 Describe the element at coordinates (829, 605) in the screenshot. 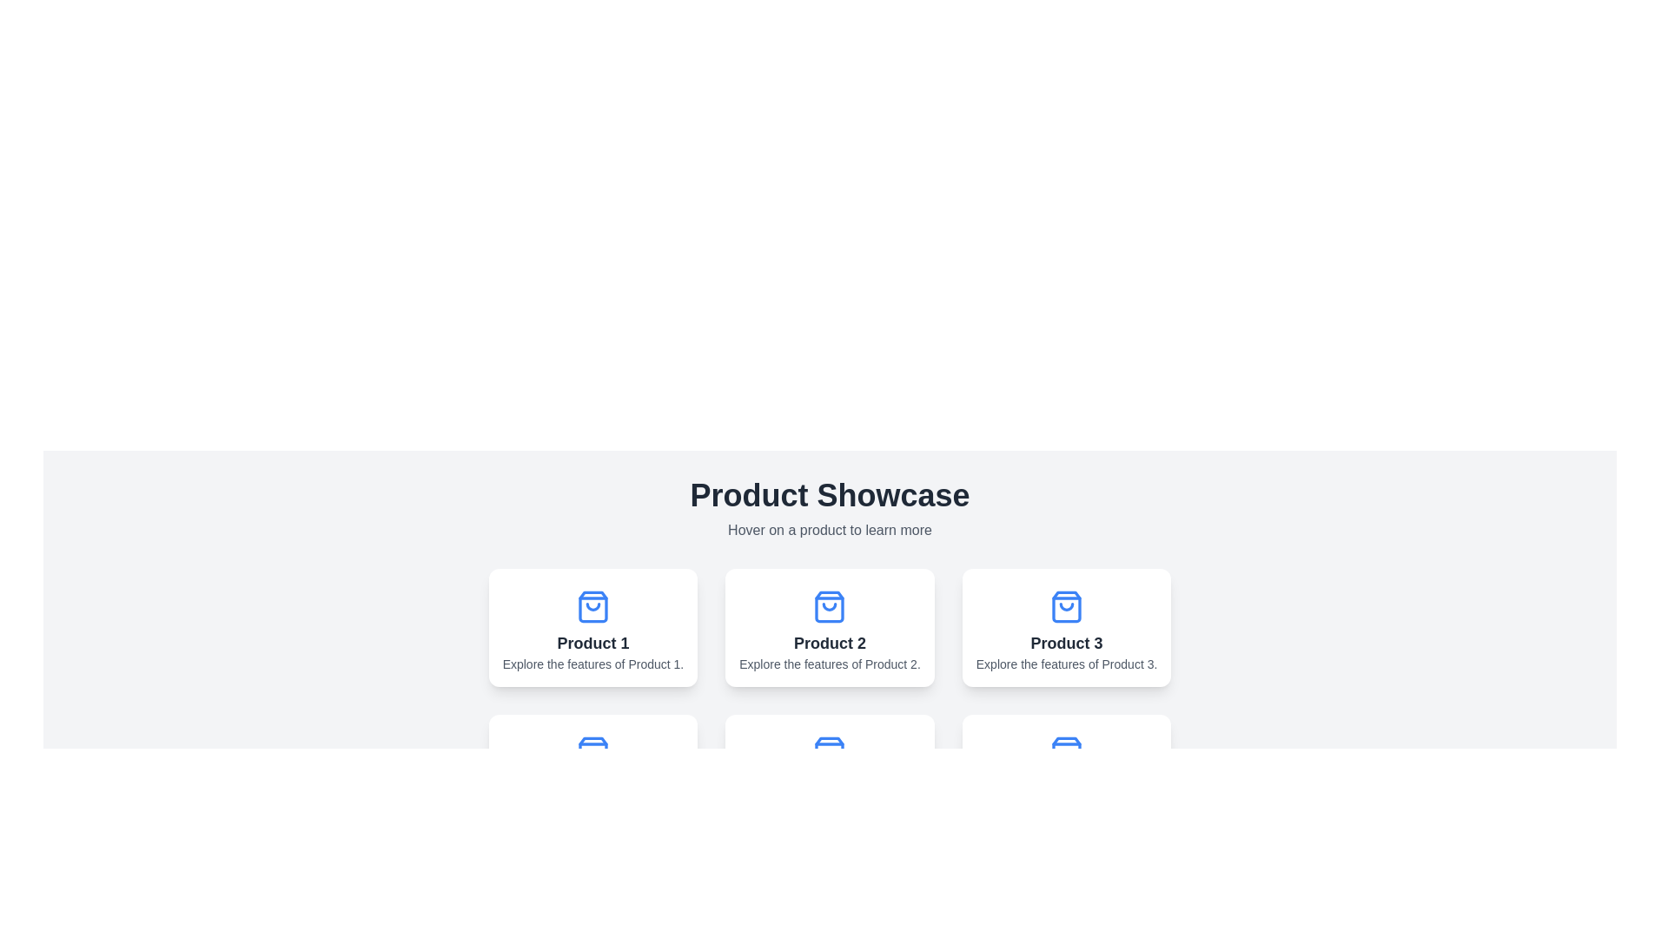

I see `the blue shopping bag icon located at the top of the card labeled 'Product 2', which is centered horizontally within the card just below the upper margin` at that location.